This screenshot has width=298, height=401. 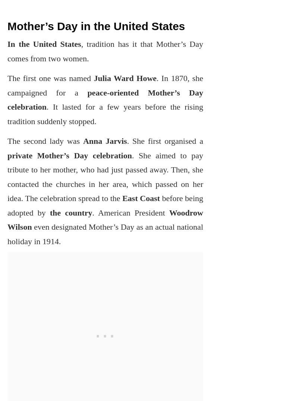 What do you see at coordinates (164, 140) in the screenshot?
I see `'. She first organised a'` at bounding box center [164, 140].